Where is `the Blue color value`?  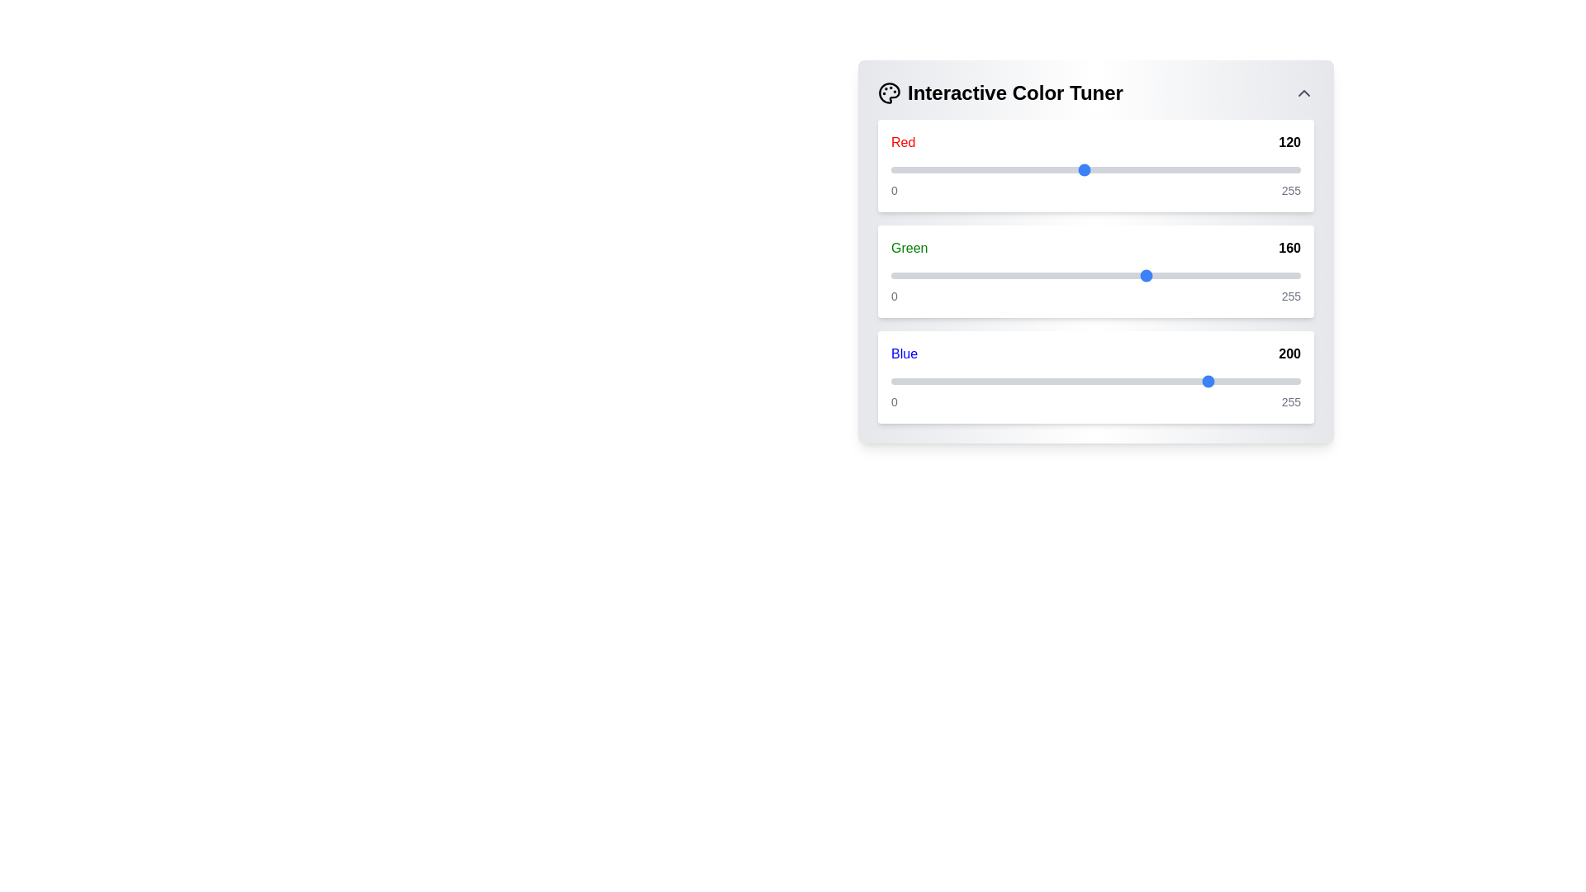
the Blue color value is located at coordinates (1287, 382).